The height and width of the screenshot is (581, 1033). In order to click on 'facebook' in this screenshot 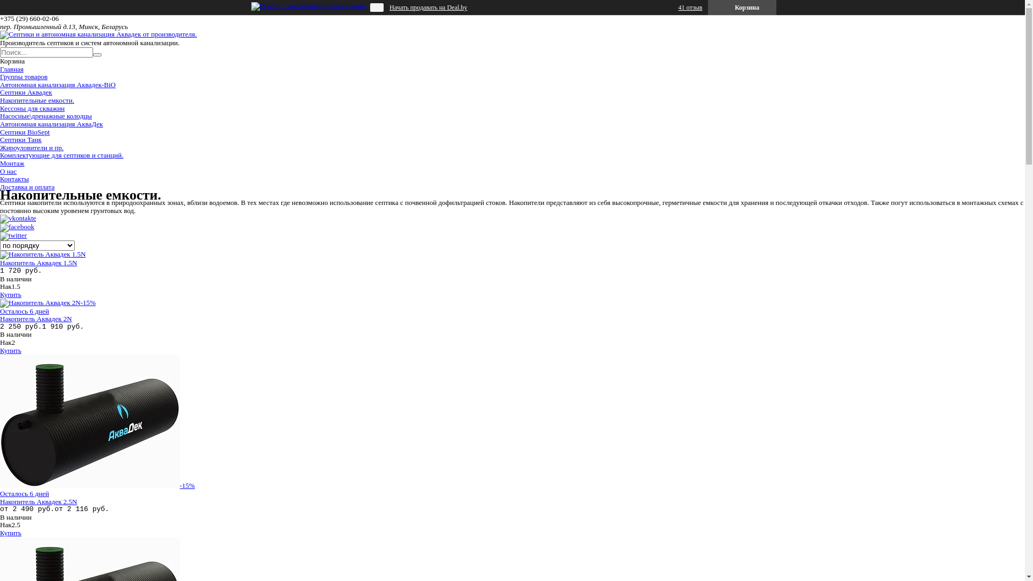, I will do `click(17, 226)`.